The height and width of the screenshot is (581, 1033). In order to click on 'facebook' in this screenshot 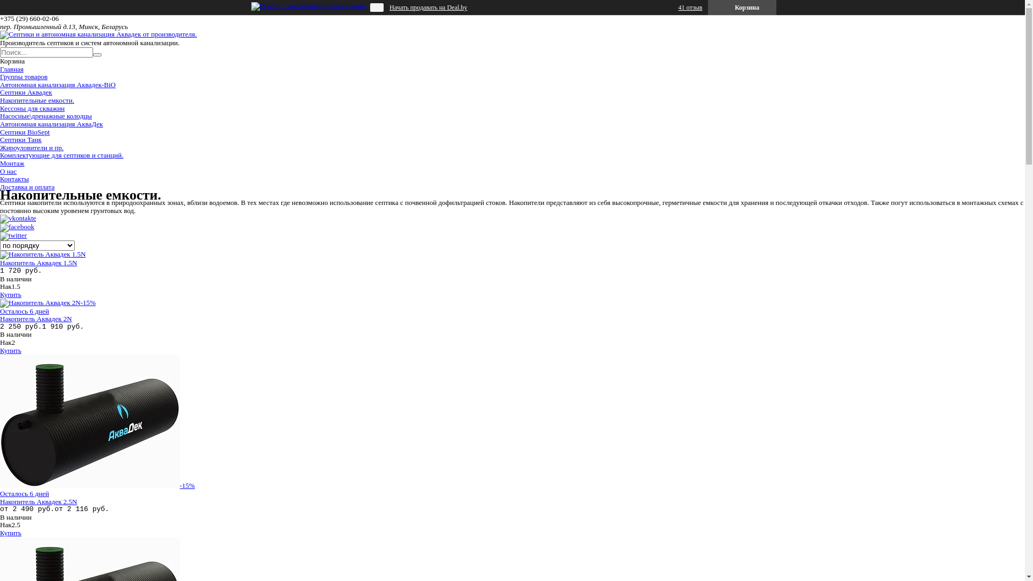, I will do `click(17, 226)`.